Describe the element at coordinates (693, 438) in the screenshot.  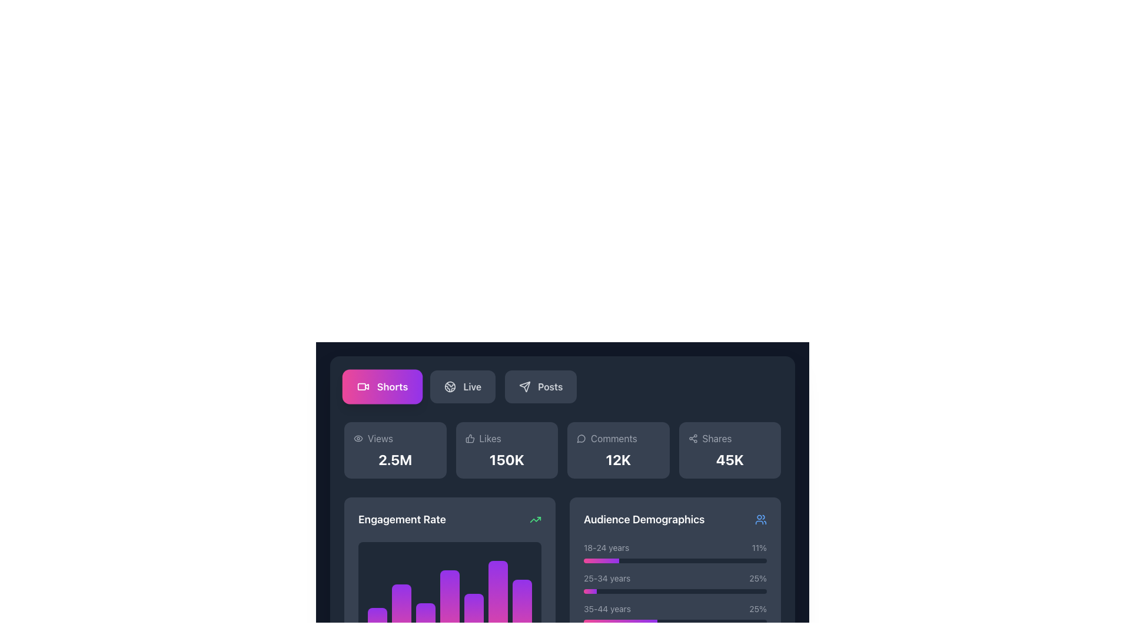
I see `the share icon located in the top-right corner of the grey box containing the label 'Shares' and the number '45K'` at that location.